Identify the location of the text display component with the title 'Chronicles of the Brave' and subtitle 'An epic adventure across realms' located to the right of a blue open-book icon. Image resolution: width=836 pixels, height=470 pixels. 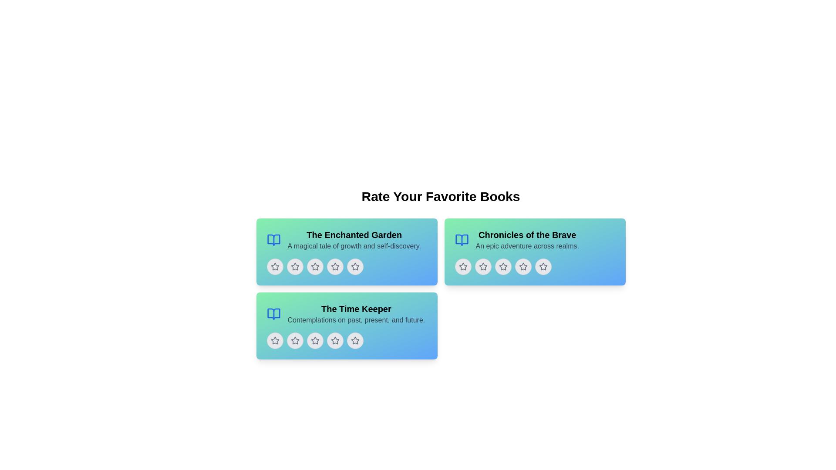
(534, 240).